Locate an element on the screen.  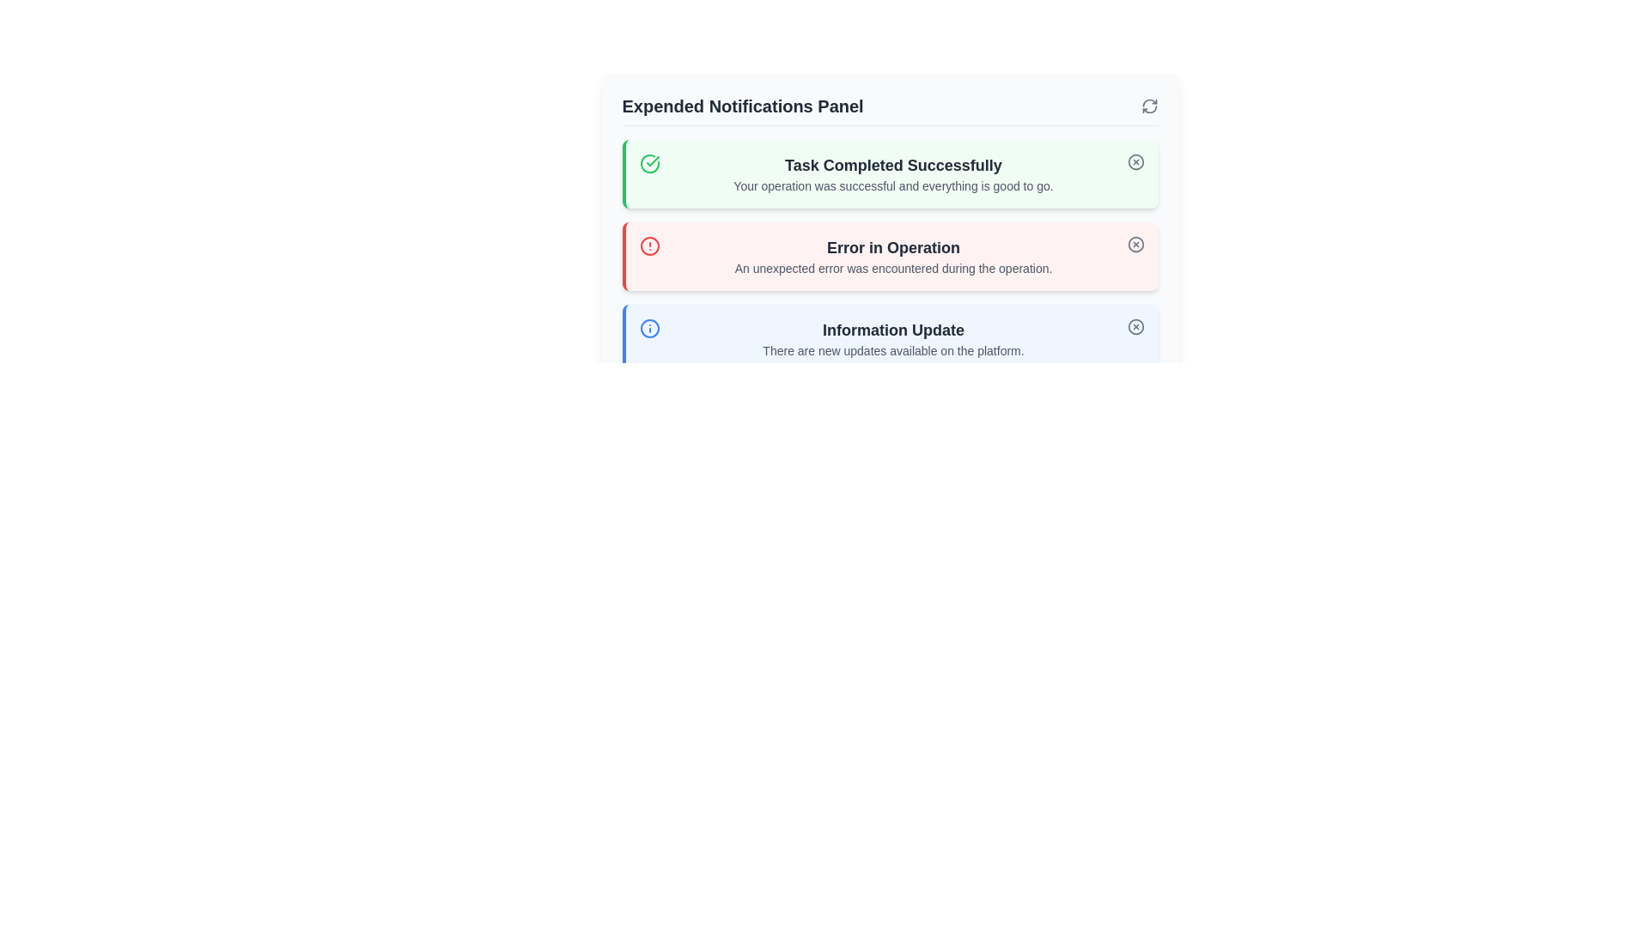
the dismissal button located at the top right of the 'Information Update' notification card, which has a blue border and light blue background is located at coordinates (1135, 327).